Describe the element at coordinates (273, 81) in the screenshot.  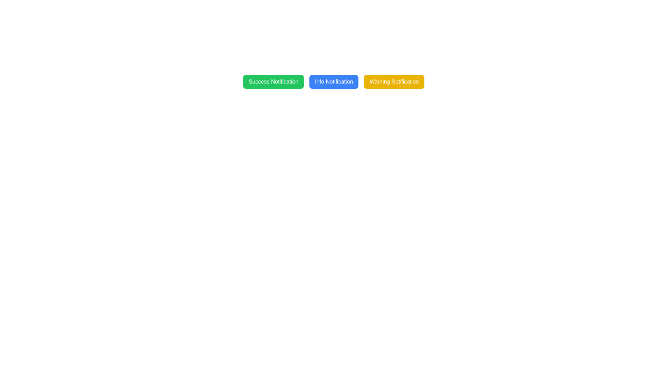
I see `the green rectangular button labeled 'Success Notification'` at that location.